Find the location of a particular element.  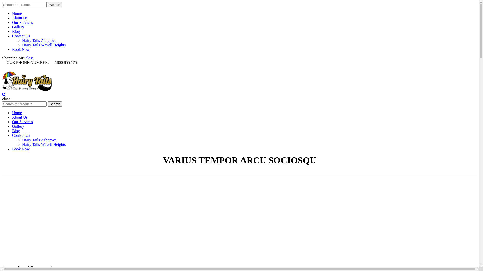

'Blog' is located at coordinates (16, 130).